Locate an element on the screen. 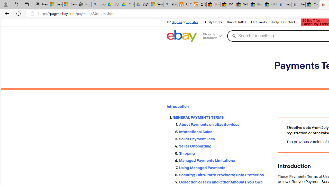  'Sign in' is located at coordinates (177, 22).